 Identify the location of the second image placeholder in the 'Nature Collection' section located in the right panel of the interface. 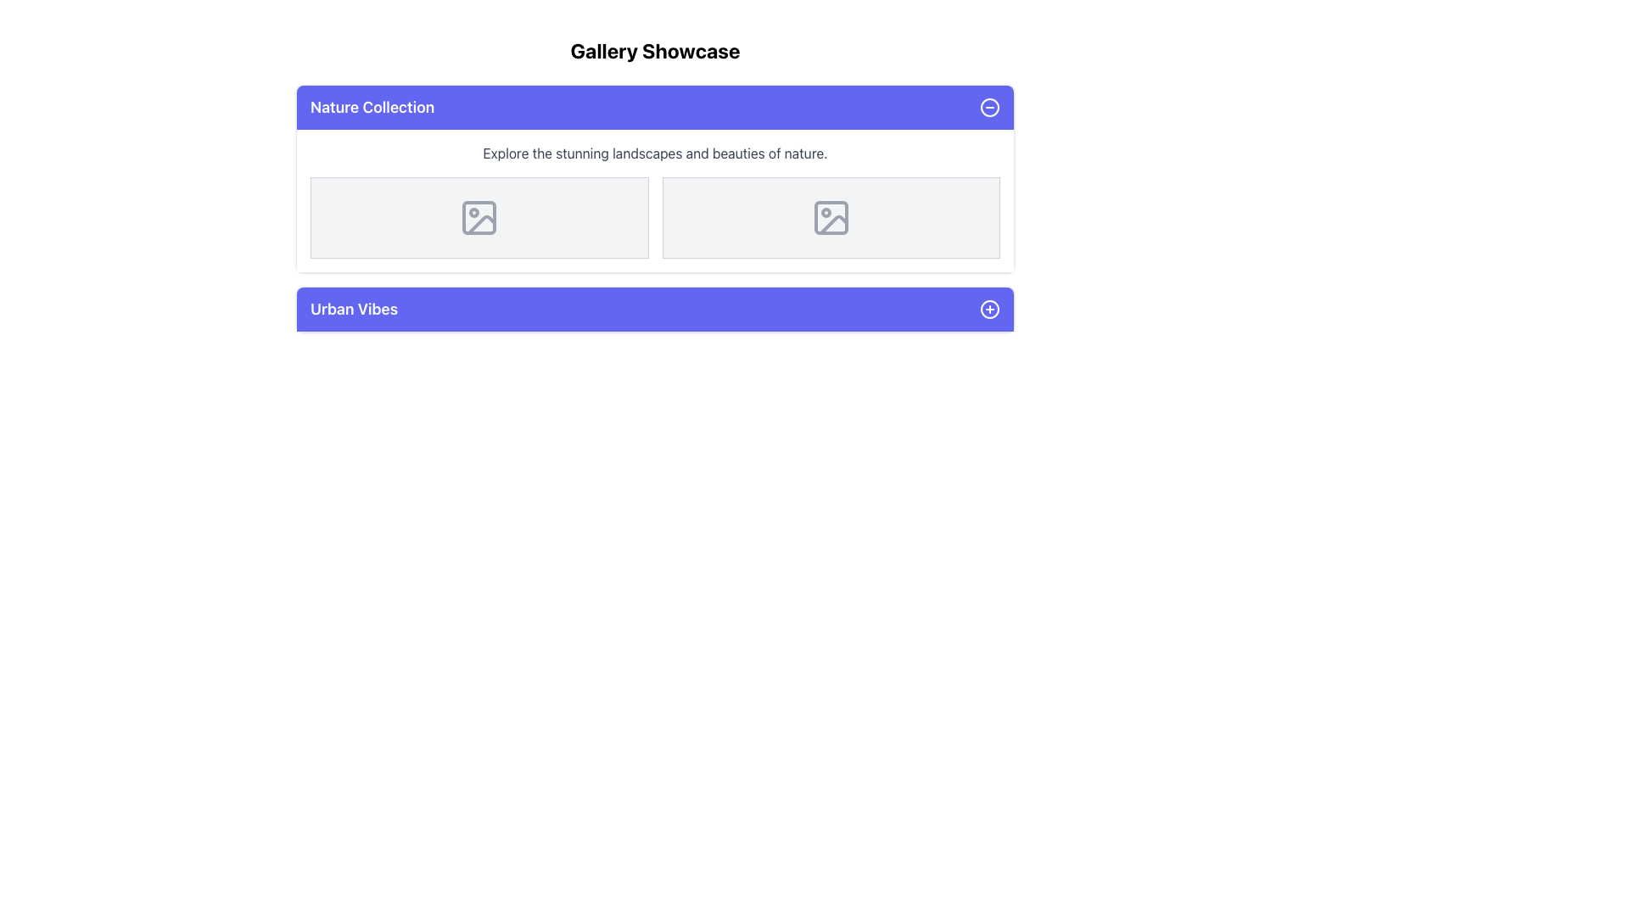
(831, 217).